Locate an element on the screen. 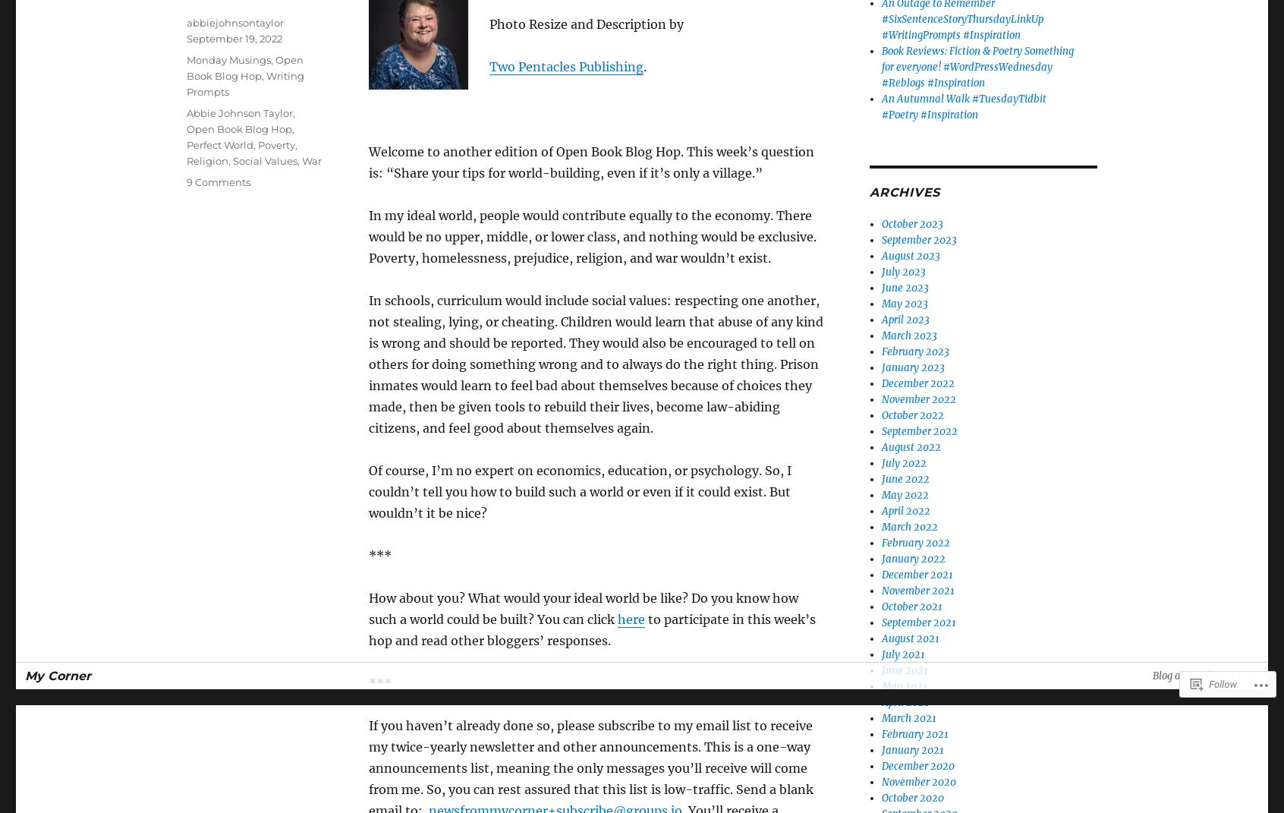 The width and height of the screenshot is (1284, 813). 'Abbie Johnson Taylor' is located at coordinates (239, 112).